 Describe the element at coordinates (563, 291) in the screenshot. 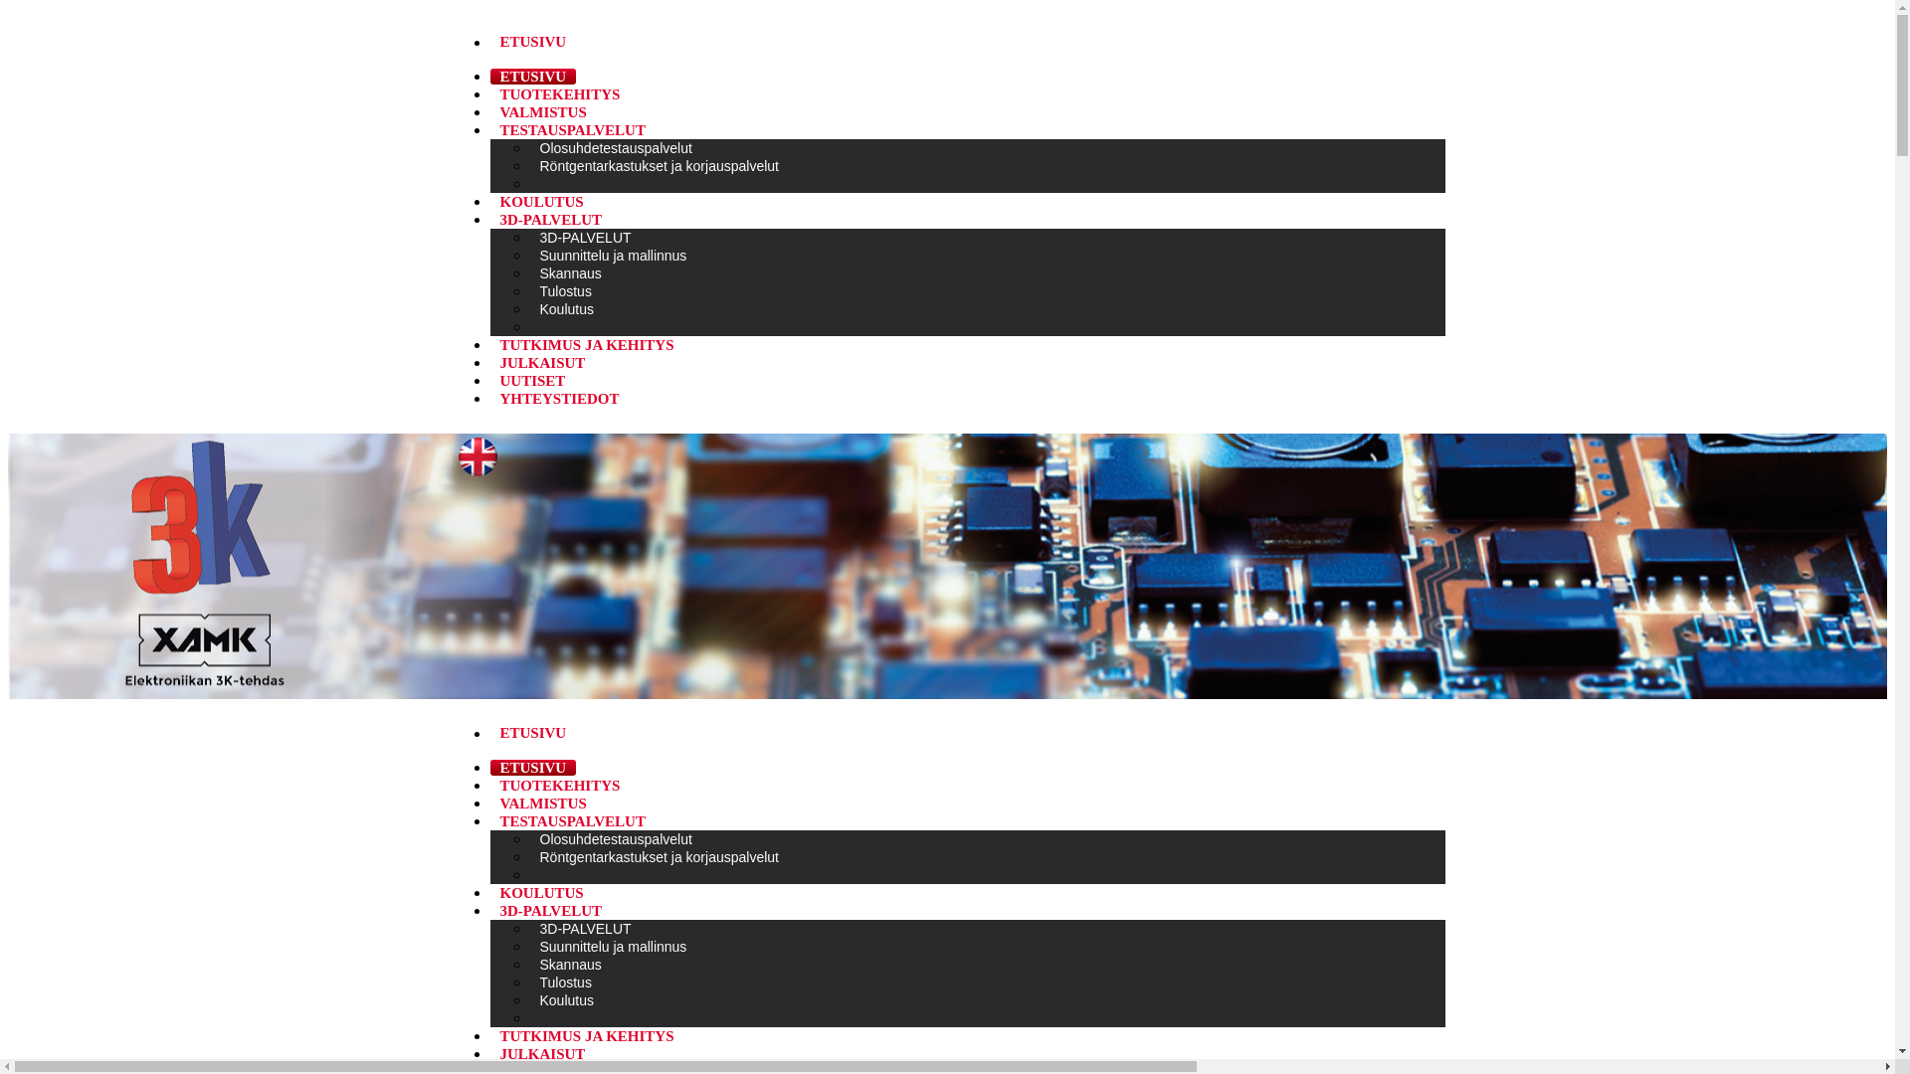

I see `'Tulostus'` at that location.